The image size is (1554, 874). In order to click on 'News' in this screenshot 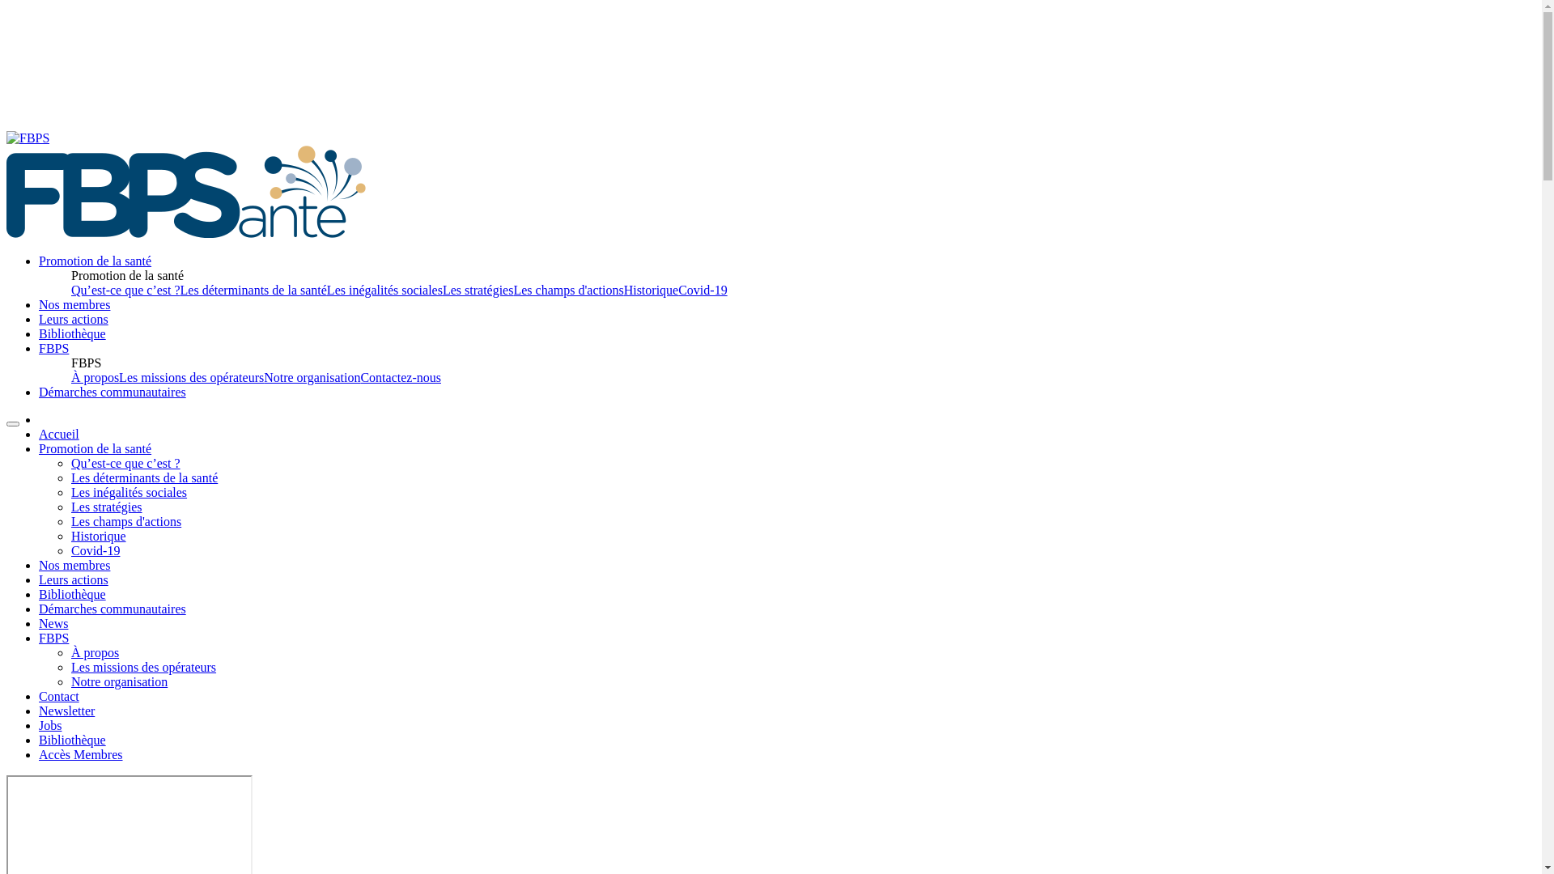, I will do `click(39, 622)`.